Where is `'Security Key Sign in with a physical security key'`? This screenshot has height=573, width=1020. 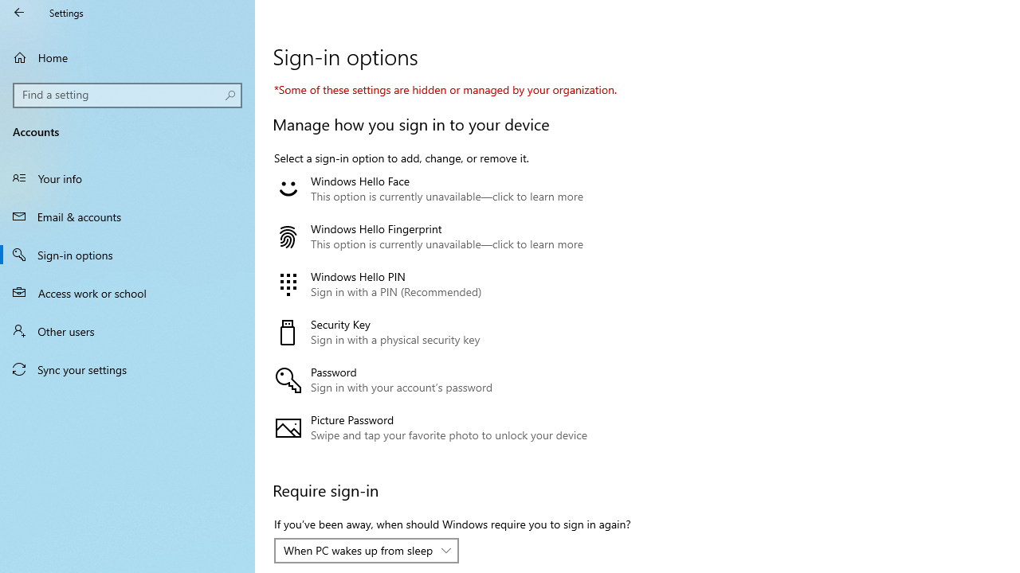 'Security Key Sign in with a physical security key' is located at coordinates (448, 331).